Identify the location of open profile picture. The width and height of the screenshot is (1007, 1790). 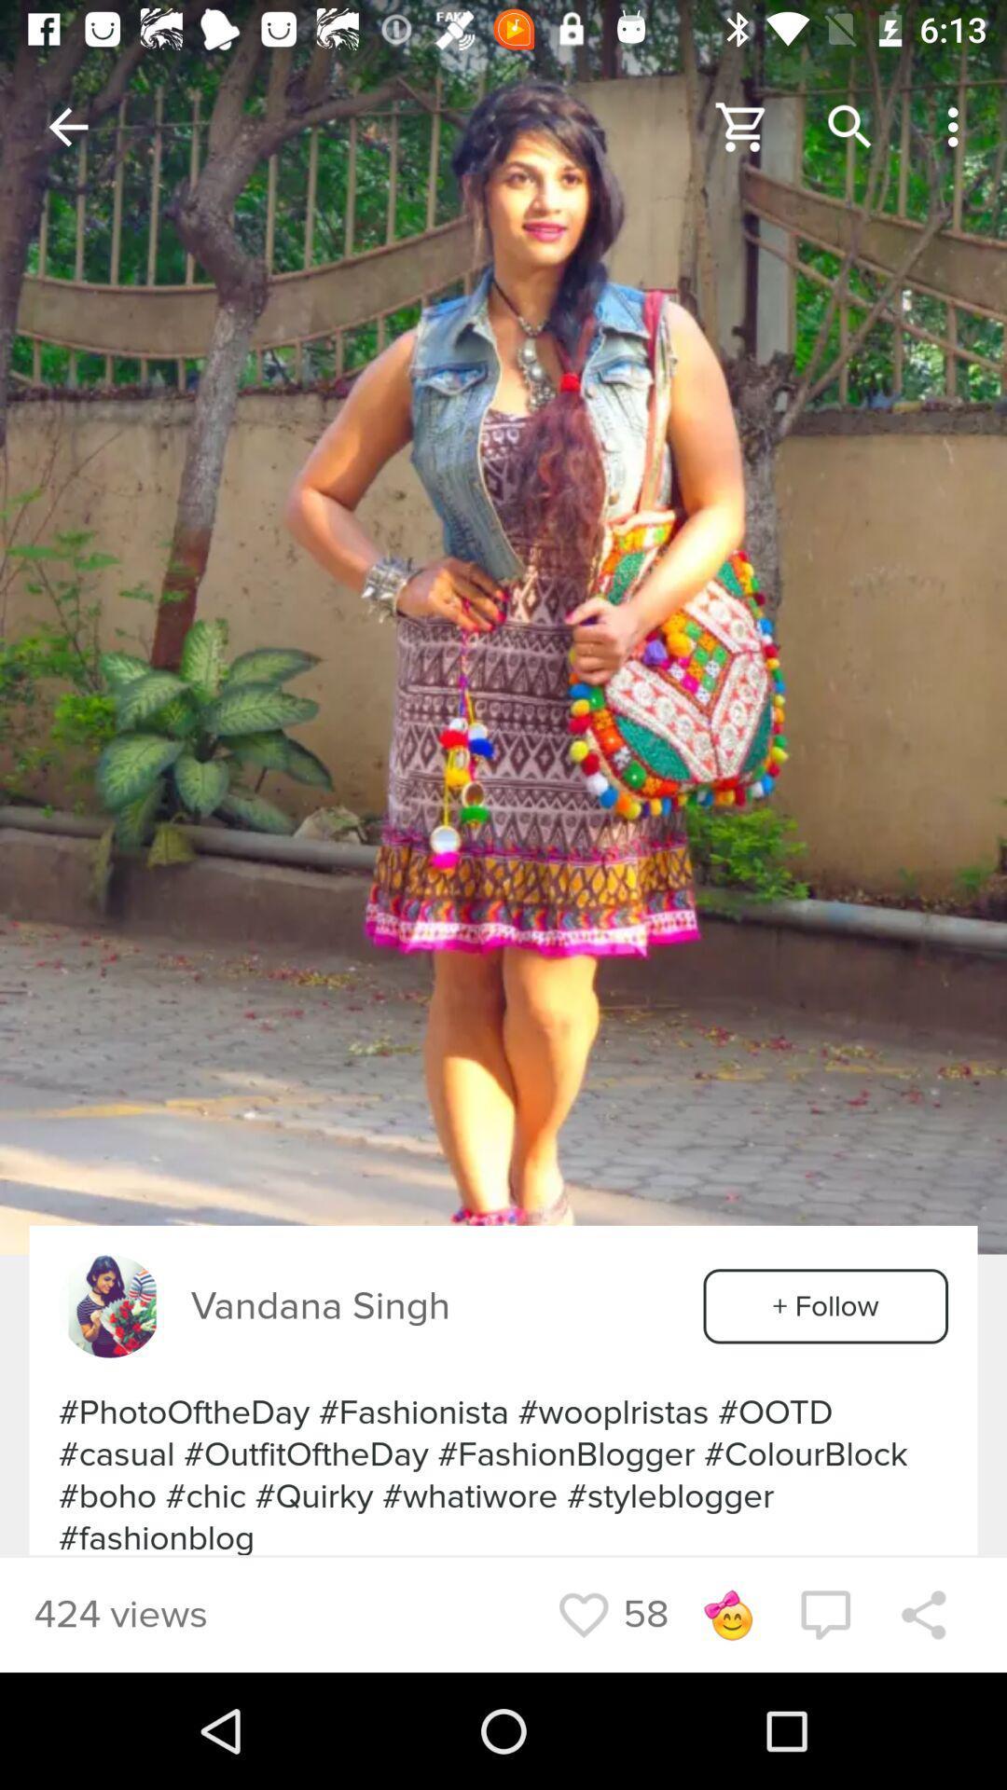
(110, 1305).